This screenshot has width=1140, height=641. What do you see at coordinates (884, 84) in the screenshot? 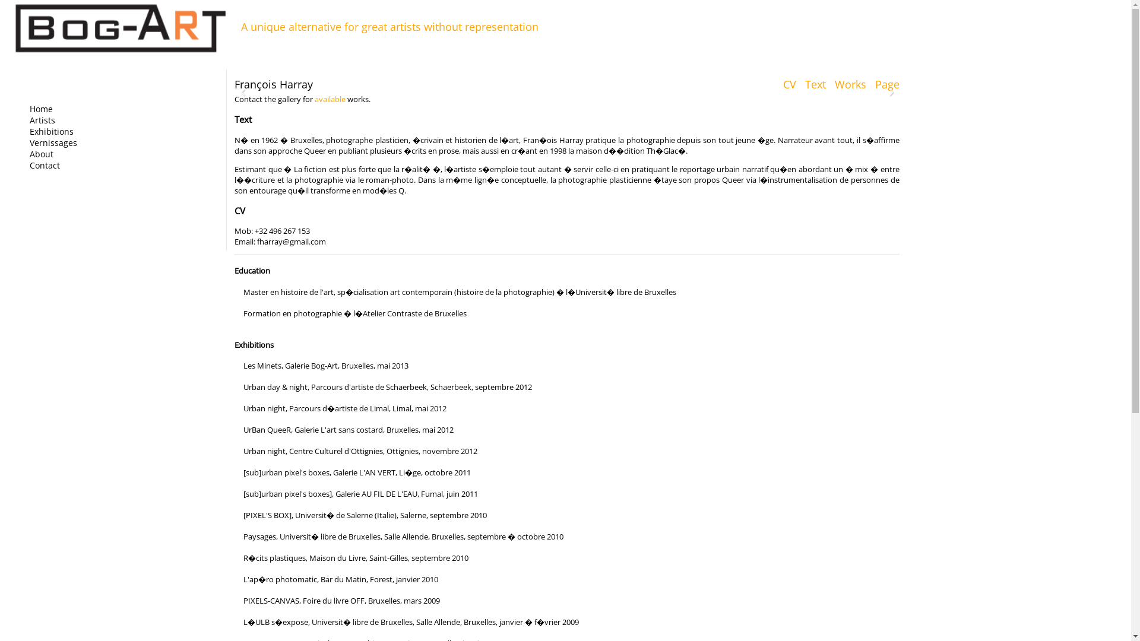
I see `'  Page'` at bounding box center [884, 84].